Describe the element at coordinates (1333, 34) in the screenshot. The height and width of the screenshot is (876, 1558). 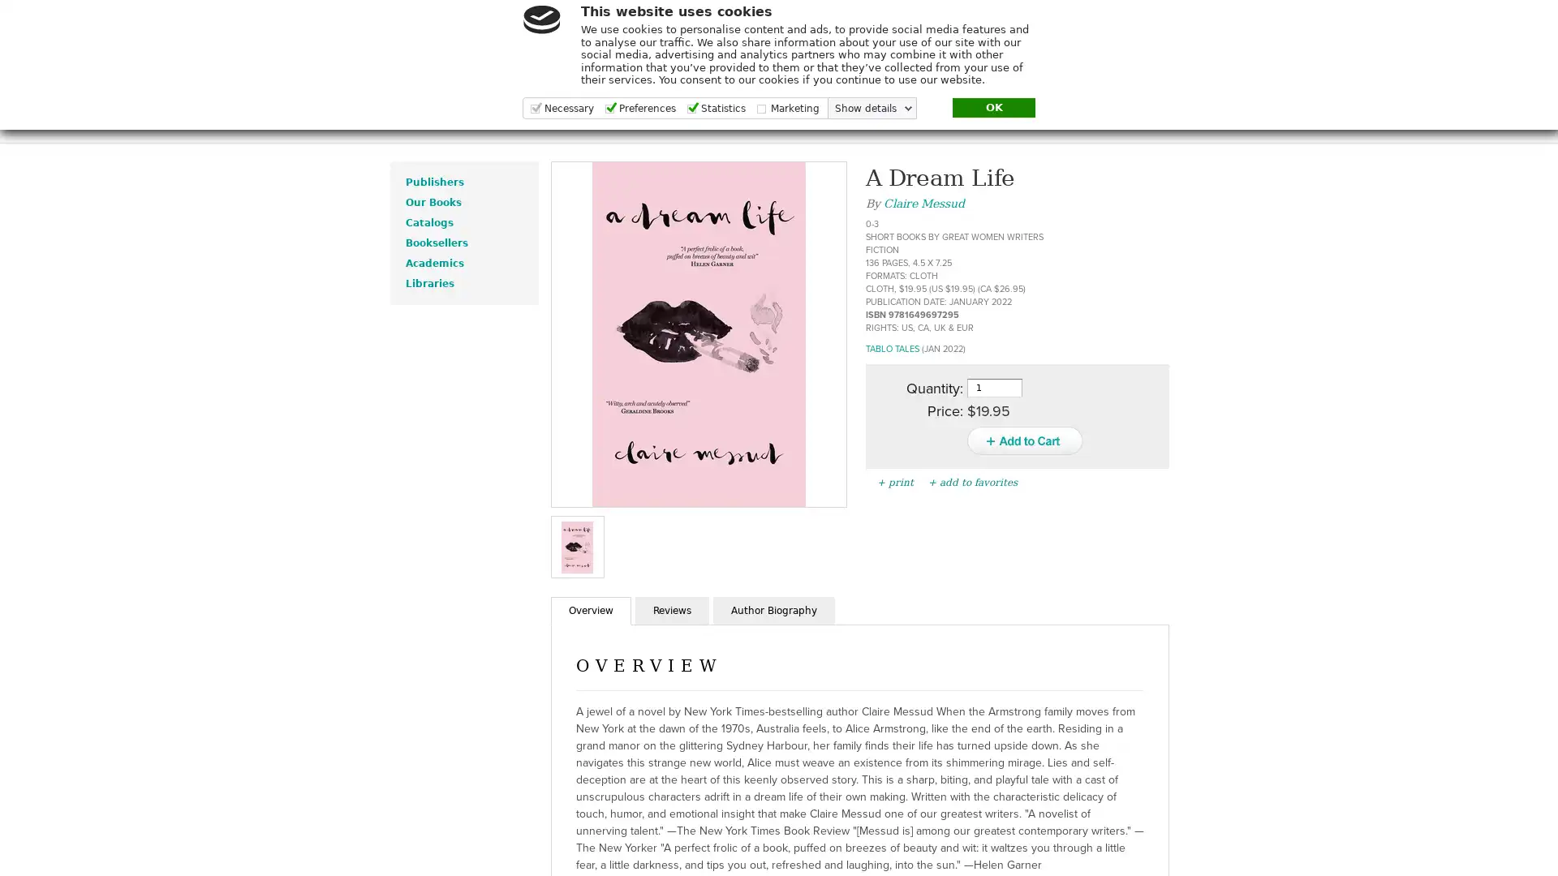
I see `Search` at that location.